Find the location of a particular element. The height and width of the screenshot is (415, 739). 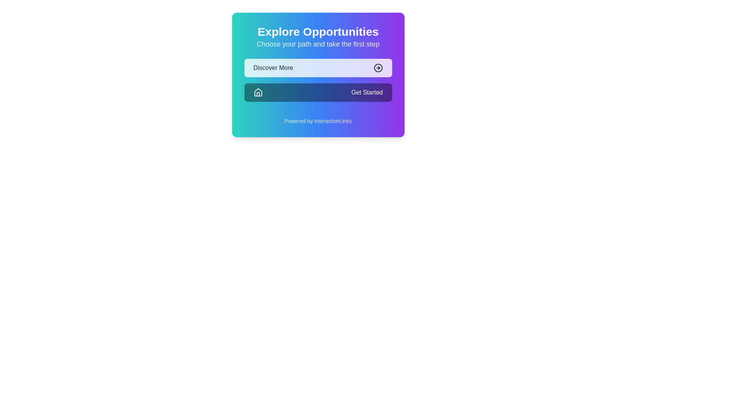

the house icon, which is a small white icon with a modern outline located on the left side within the 'Get Started' button at the bottom of the card layout is located at coordinates (258, 92).